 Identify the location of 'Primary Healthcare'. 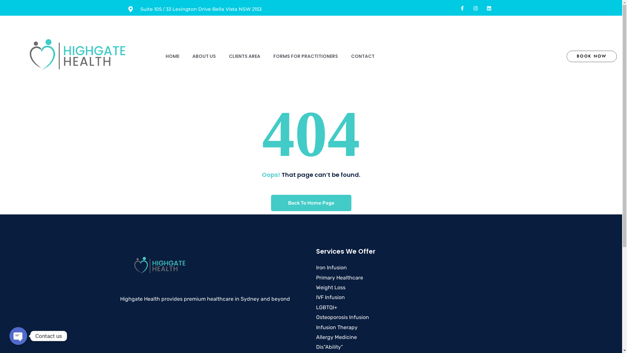
(340, 277).